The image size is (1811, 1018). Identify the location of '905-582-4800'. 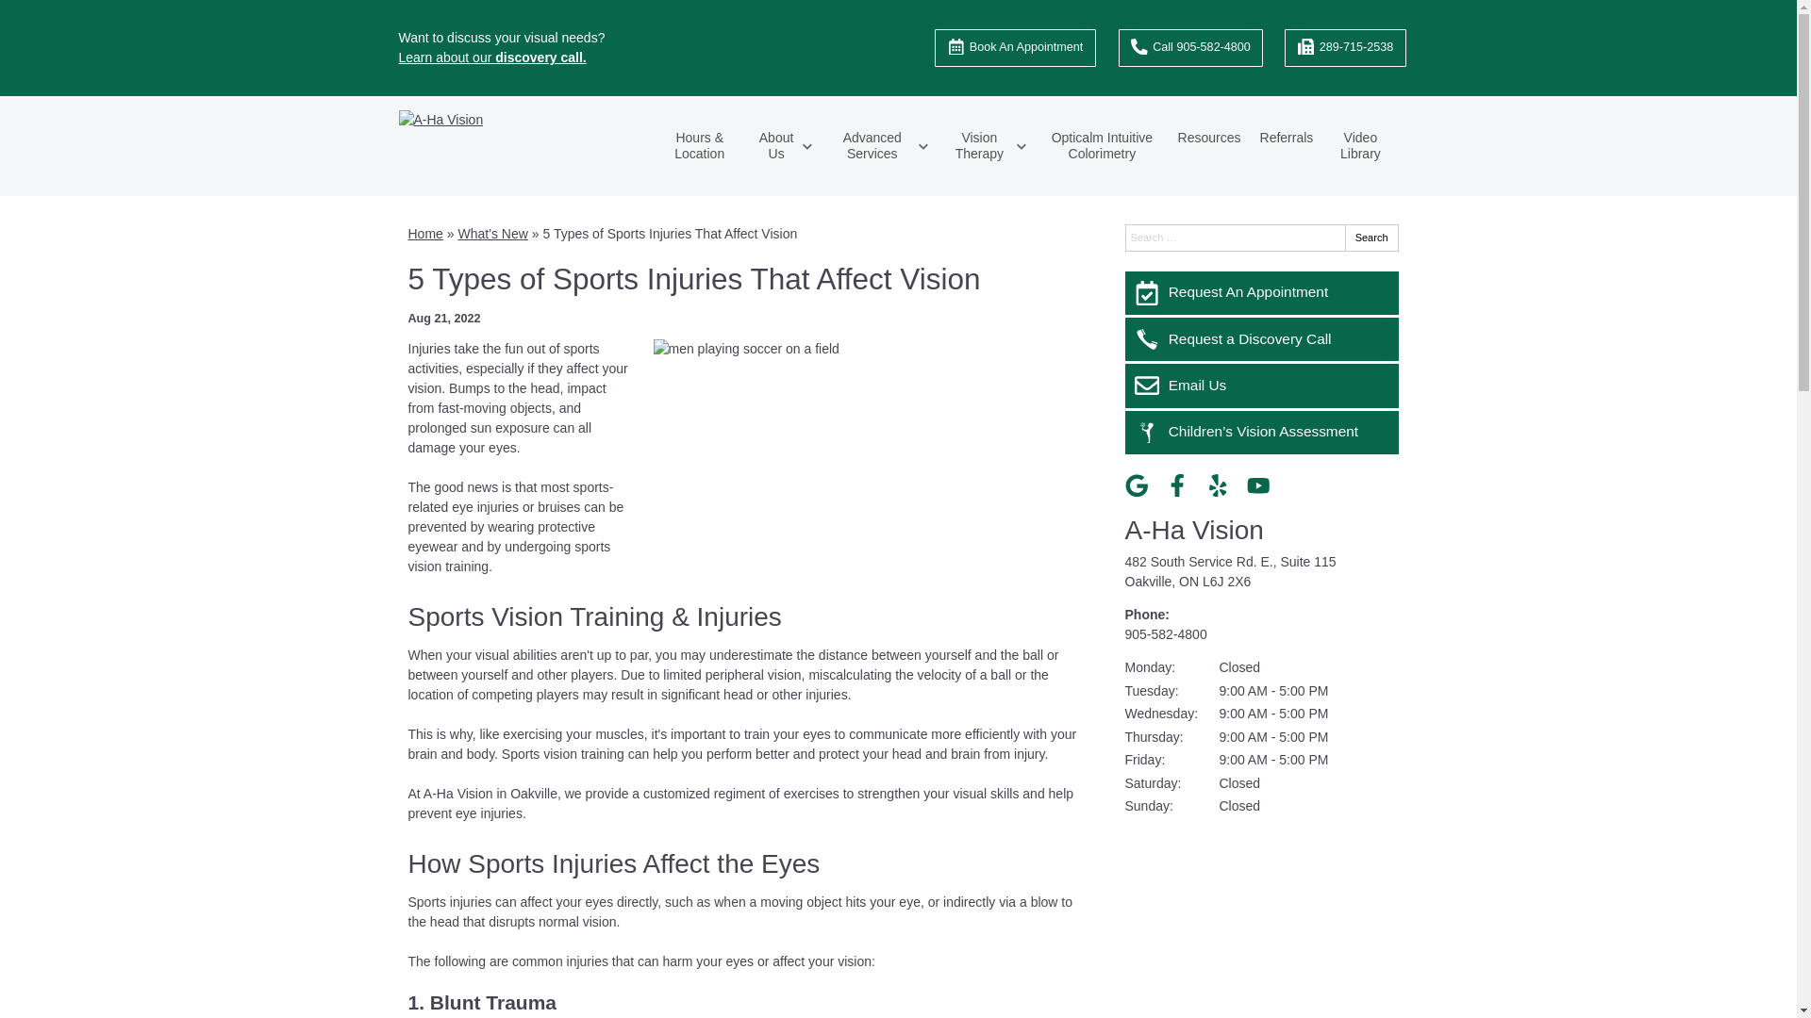
(1164, 633).